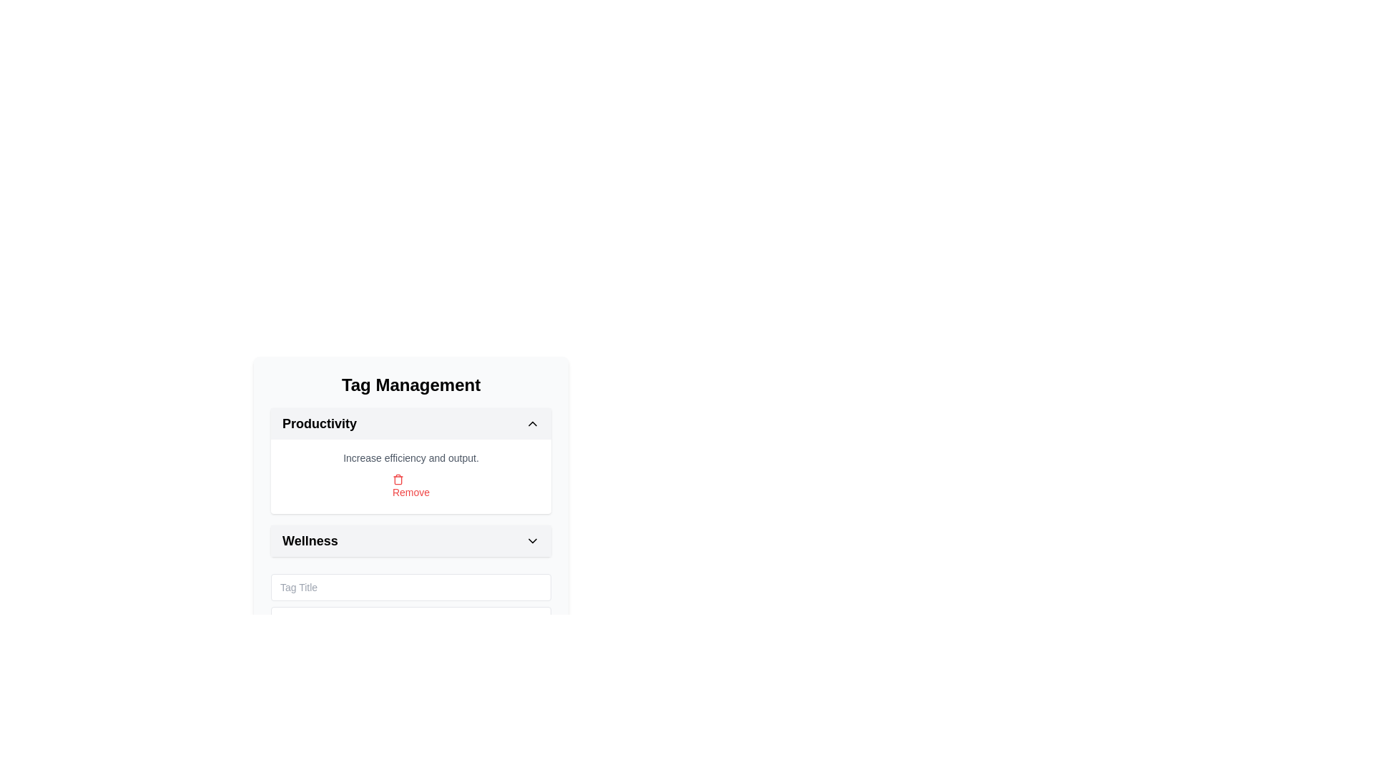 The width and height of the screenshot is (1373, 772). Describe the element at coordinates (410, 385) in the screenshot. I see `the header element that serves as a title for the section, positioned at the top center of the layout` at that location.